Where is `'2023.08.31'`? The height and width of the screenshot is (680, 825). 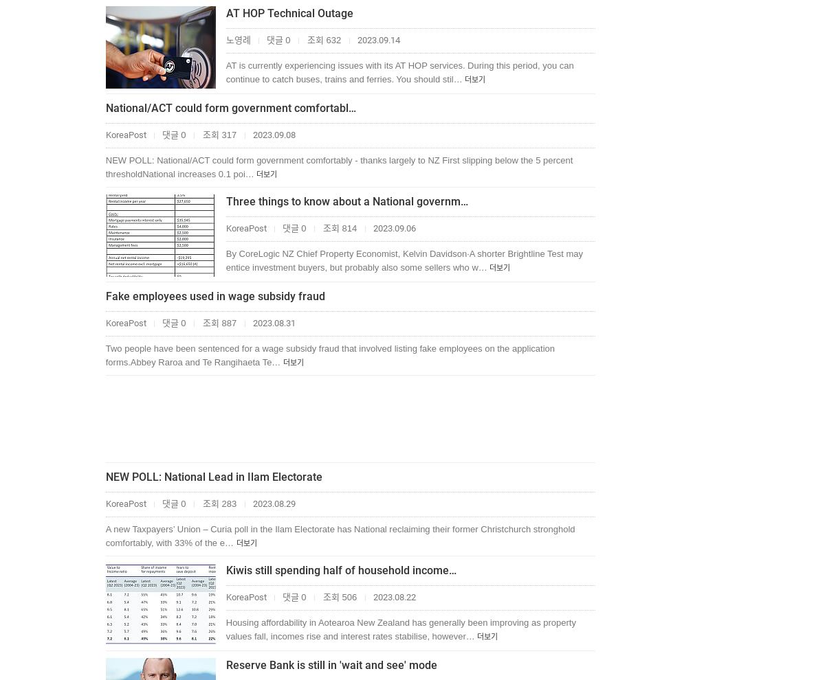
'2023.08.31' is located at coordinates (272, 323).